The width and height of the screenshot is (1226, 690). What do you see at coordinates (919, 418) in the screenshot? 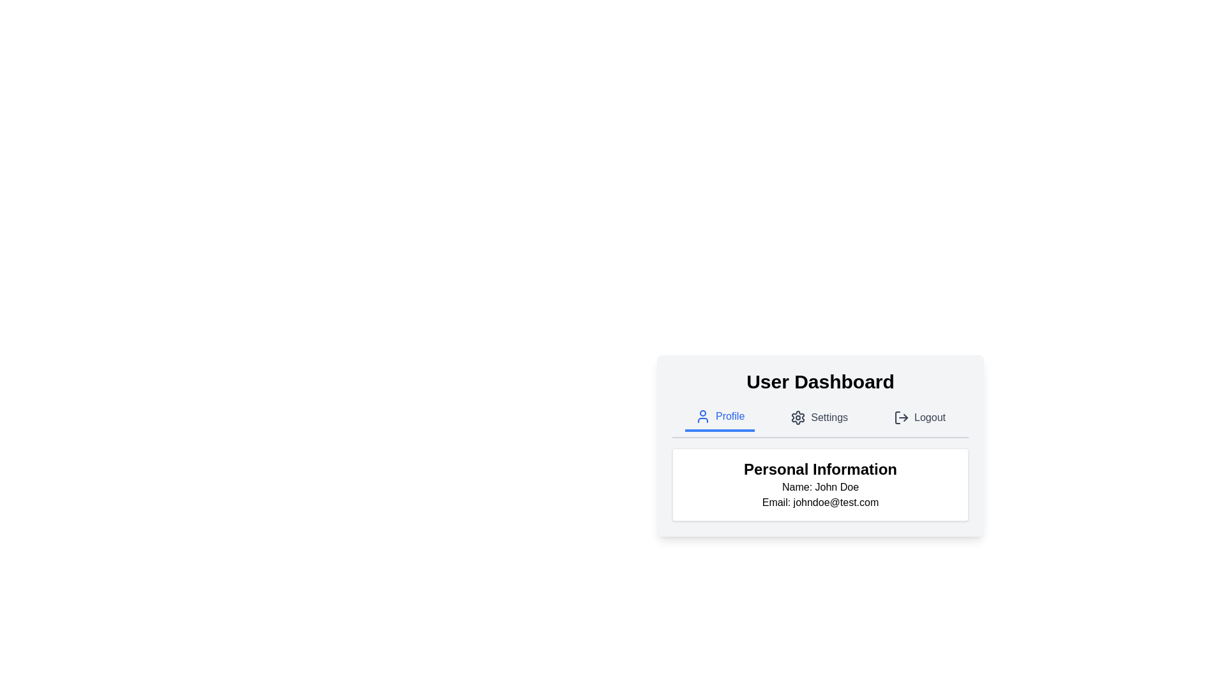
I see `the 'Logout' button, which features a log-out icon and is located` at bounding box center [919, 418].